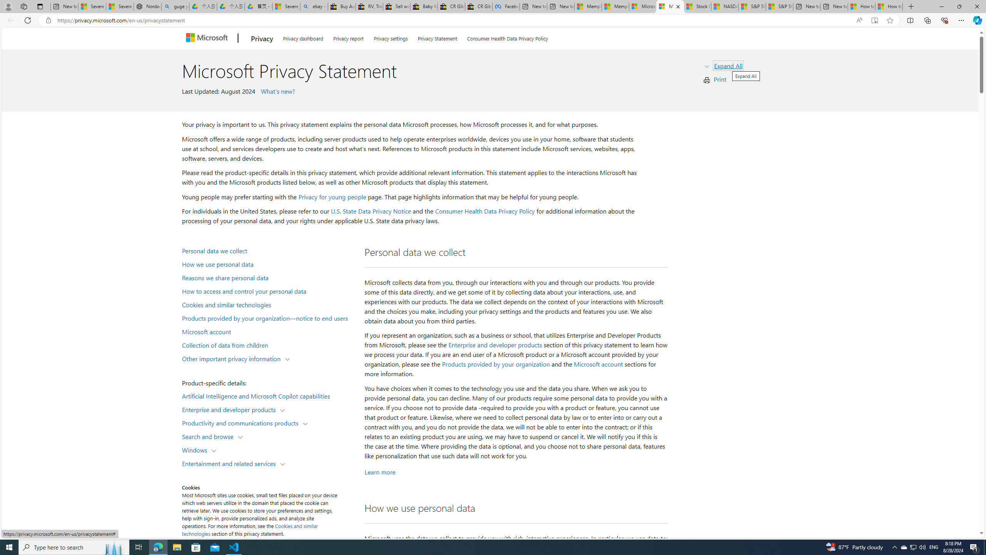  What do you see at coordinates (268, 395) in the screenshot?
I see `'Artificial Intelligence and Microsoft Copilot capabilities'` at bounding box center [268, 395].